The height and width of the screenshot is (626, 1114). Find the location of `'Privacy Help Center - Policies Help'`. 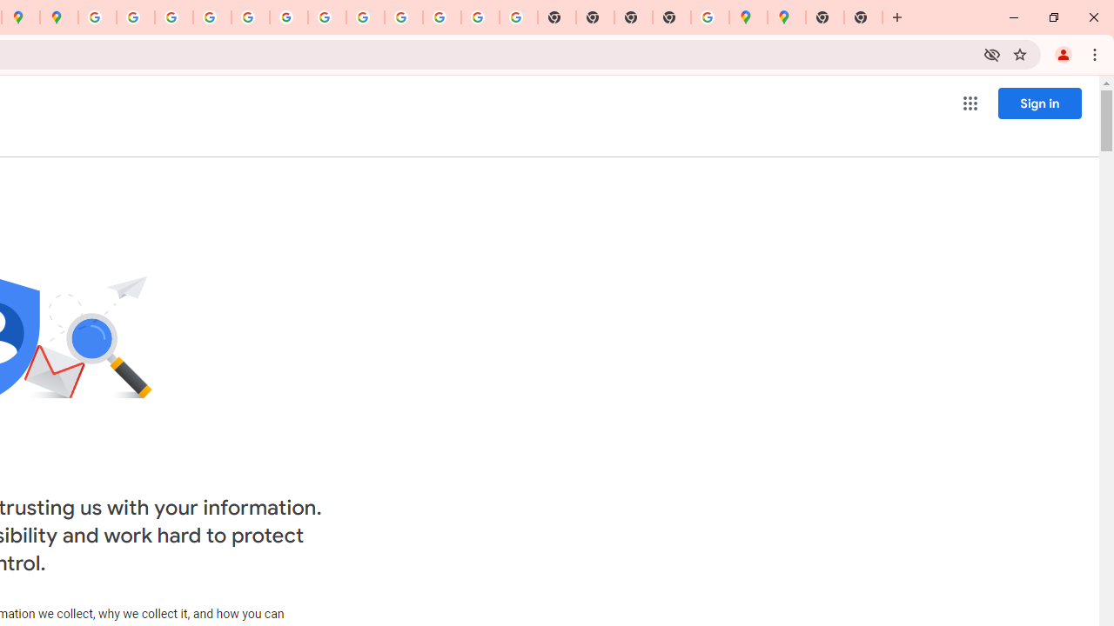

'Privacy Help Center - Policies Help' is located at coordinates (211, 17).